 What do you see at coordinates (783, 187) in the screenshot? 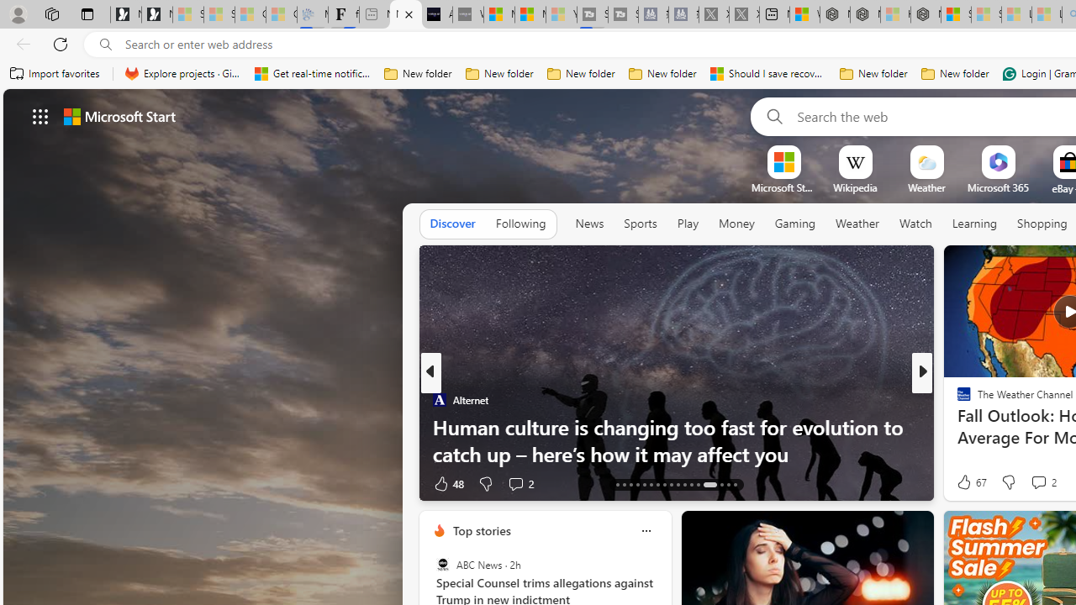
I see `'Microsoft Start Sports'` at bounding box center [783, 187].